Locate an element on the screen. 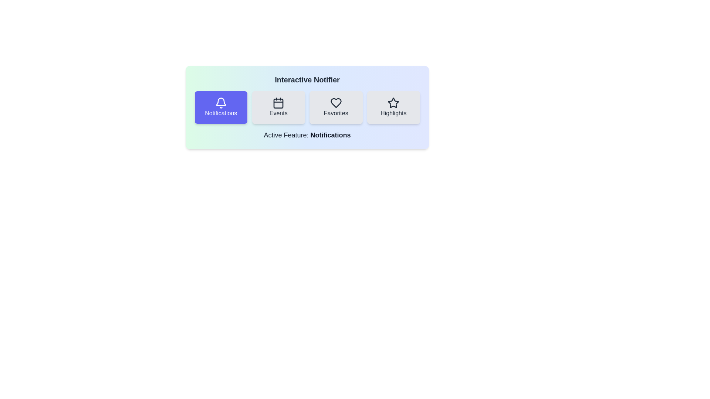  the feature Events by clicking on its button is located at coordinates (278, 107).